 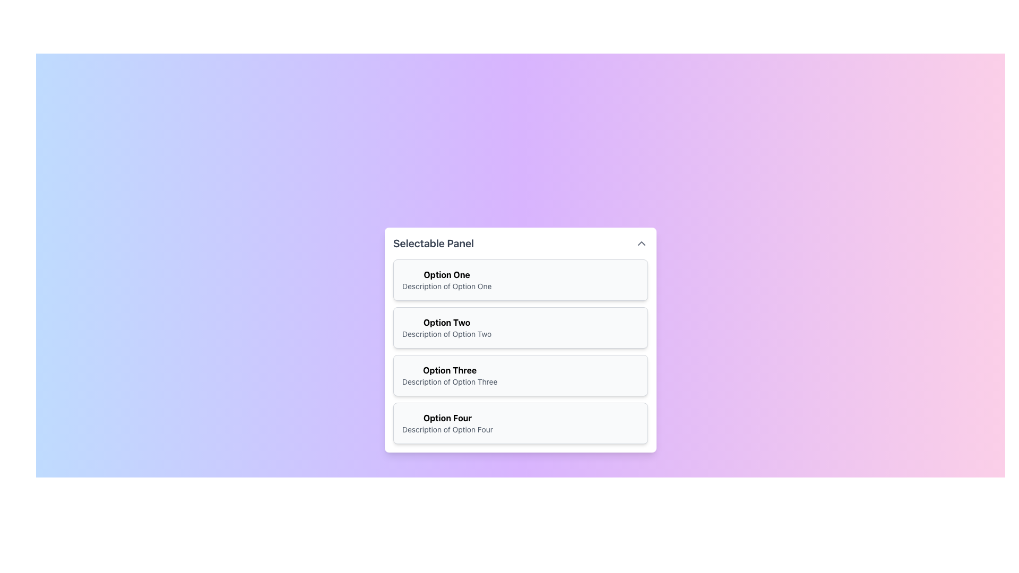 What do you see at coordinates (520, 423) in the screenshot?
I see `the fourth selectable list item in a vertically stacked list` at bounding box center [520, 423].